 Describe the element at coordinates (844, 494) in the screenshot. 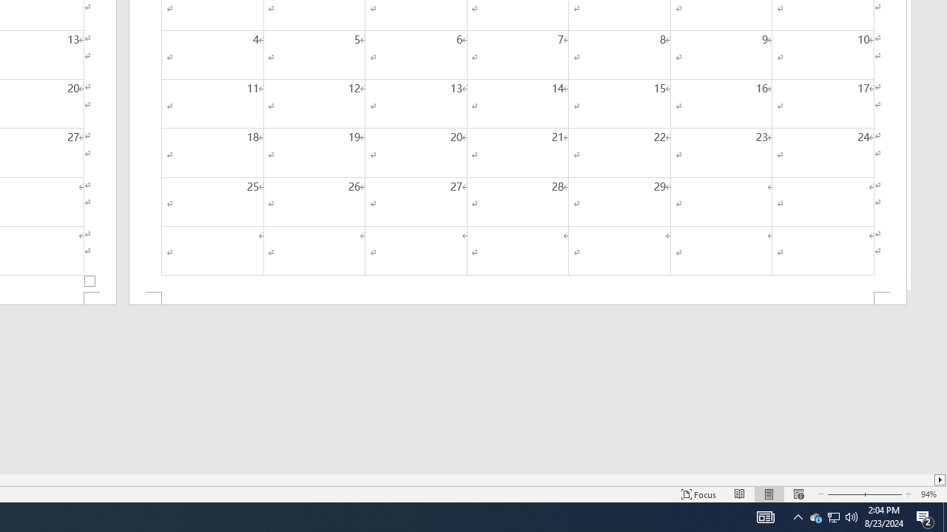

I see `'Zoom Out'` at that location.